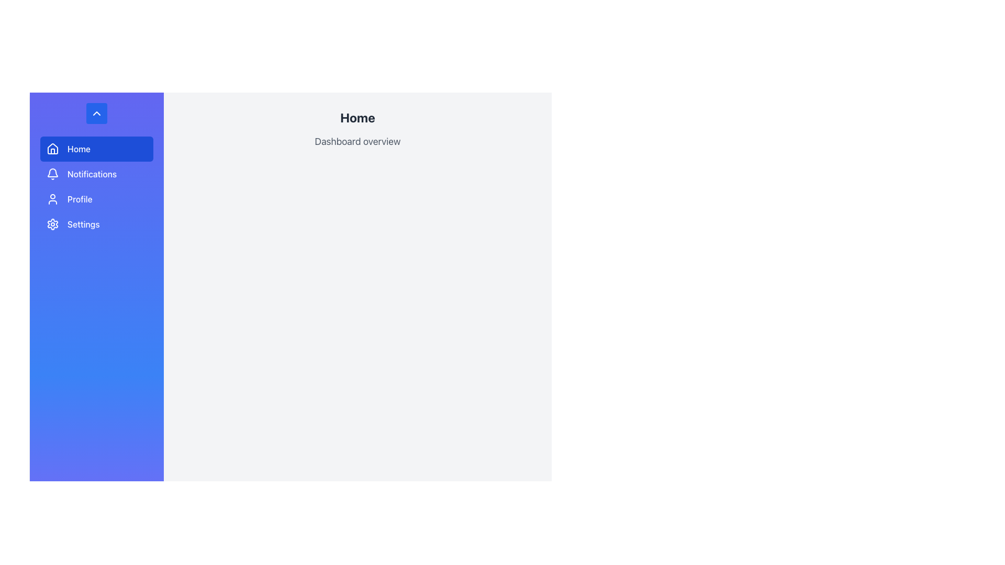 The height and width of the screenshot is (565, 1005). I want to click on the descriptive label located directly below the 'Home' heading, providing contextual clarity for the content below, so click(358, 141).